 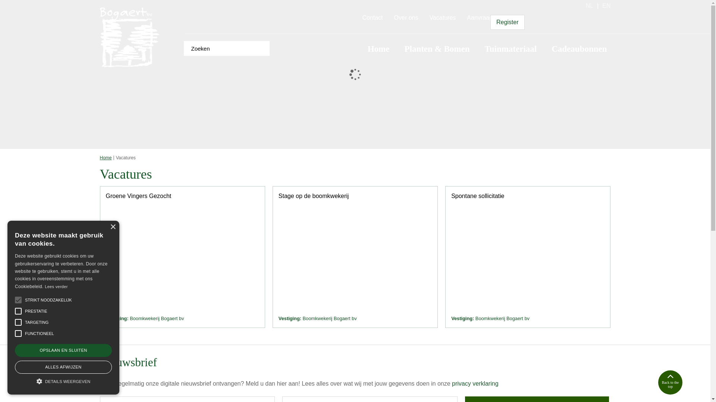 What do you see at coordinates (105, 157) in the screenshot?
I see `'Home'` at bounding box center [105, 157].